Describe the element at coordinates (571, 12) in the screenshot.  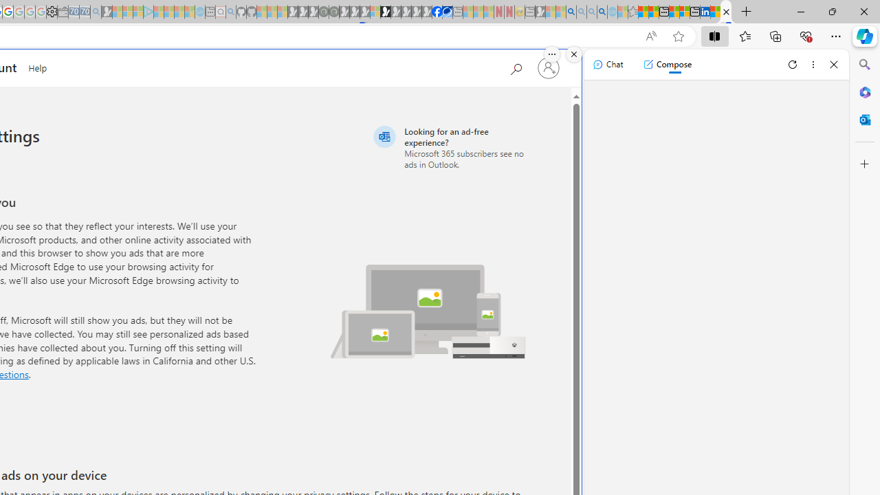
I see `'Bing AI - Search'` at that location.